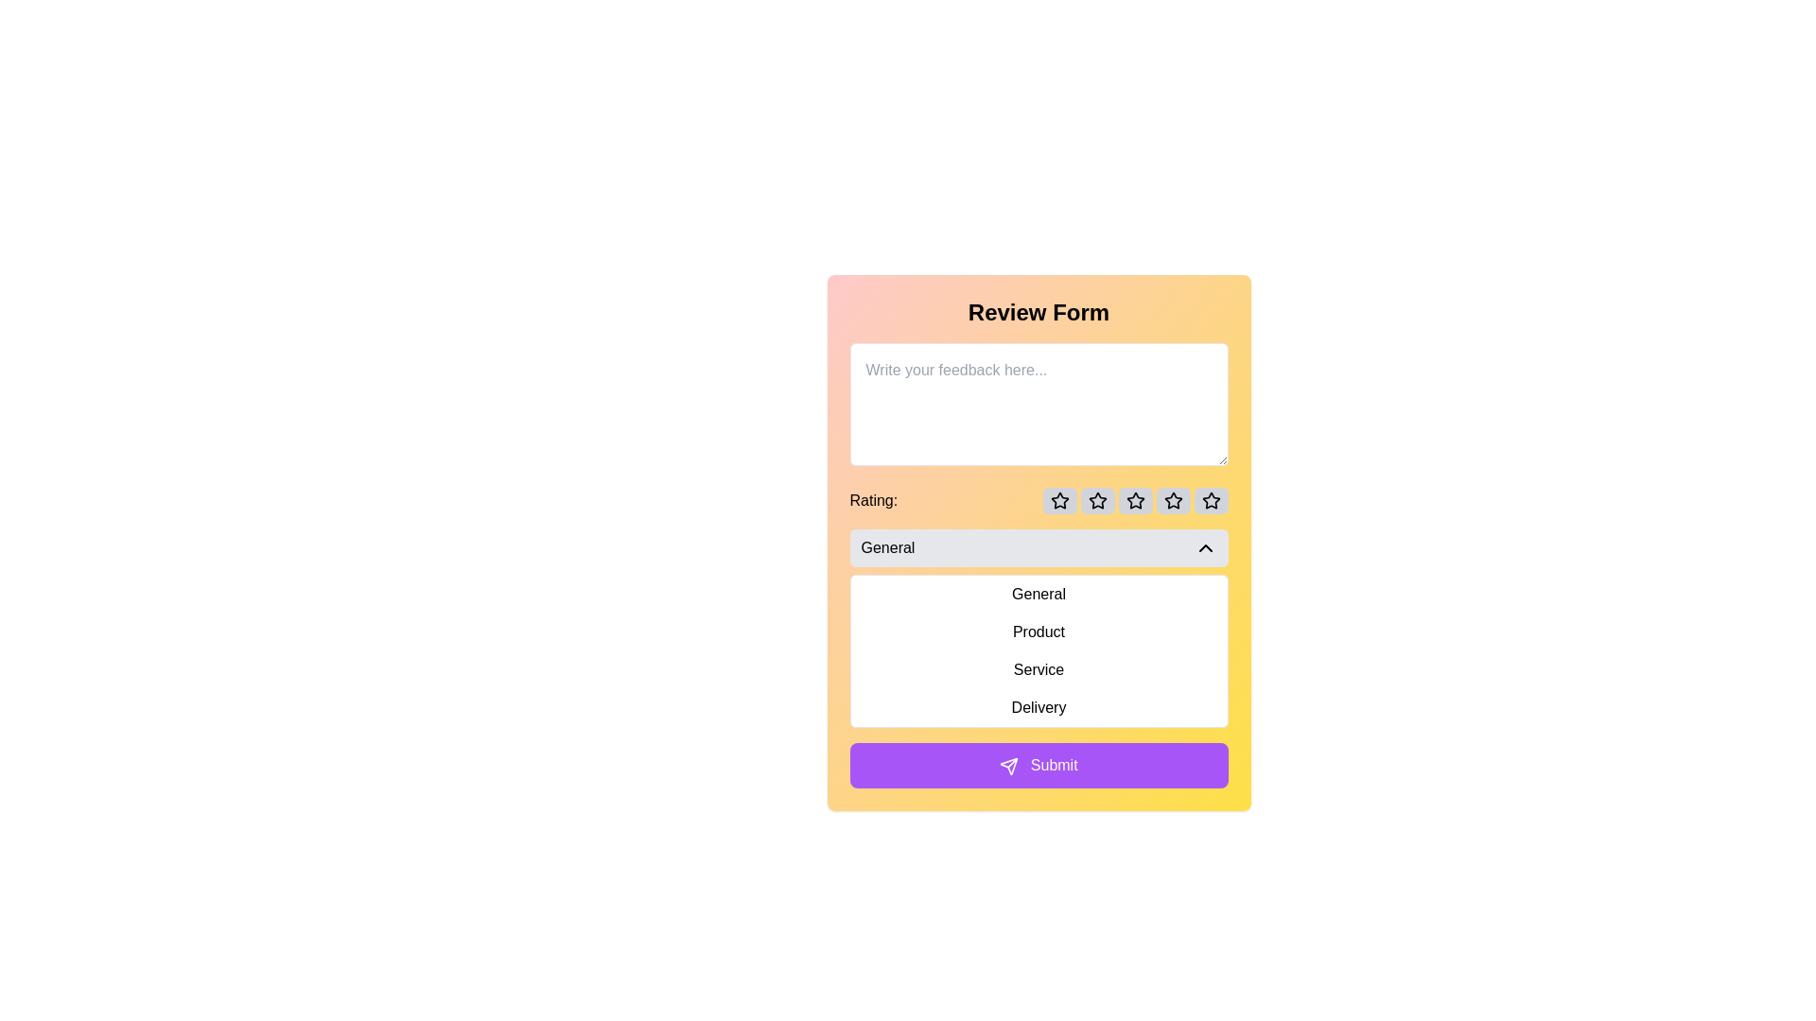  I want to click on the fifth star button in the rating selection, so click(1172, 499).